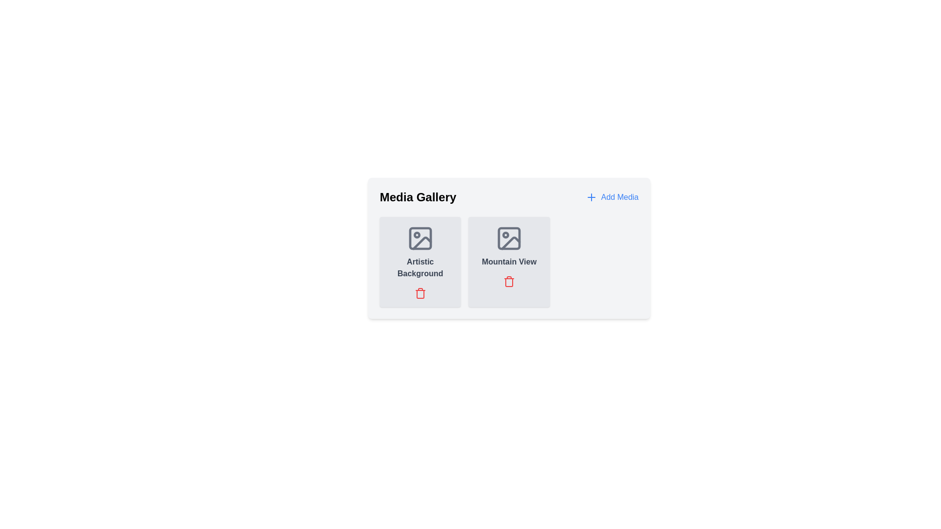 This screenshot has width=941, height=529. Describe the element at coordinates (420, 238) in the screenshot. I see `the rectangular icon with a gray background and image placeholder located in the first slot of the media gallery grid` at that location.